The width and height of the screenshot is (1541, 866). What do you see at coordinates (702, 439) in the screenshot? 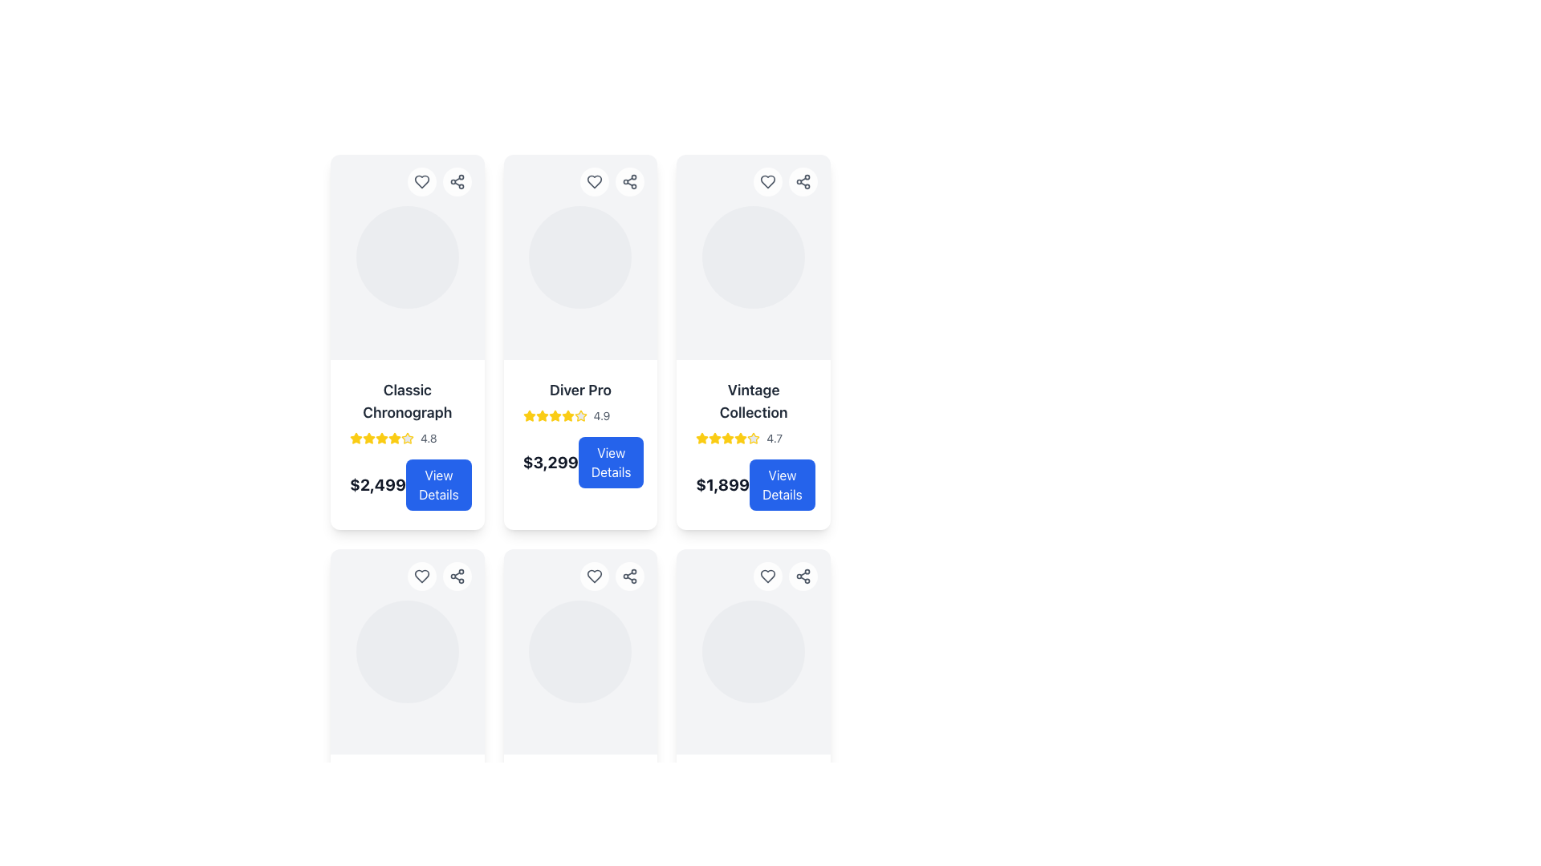
I see `the first yellow star icon in the rating system for the 'Vintage Collection' card, which is positioned directly above the numerical rating value` at bounding box center [702, 439].